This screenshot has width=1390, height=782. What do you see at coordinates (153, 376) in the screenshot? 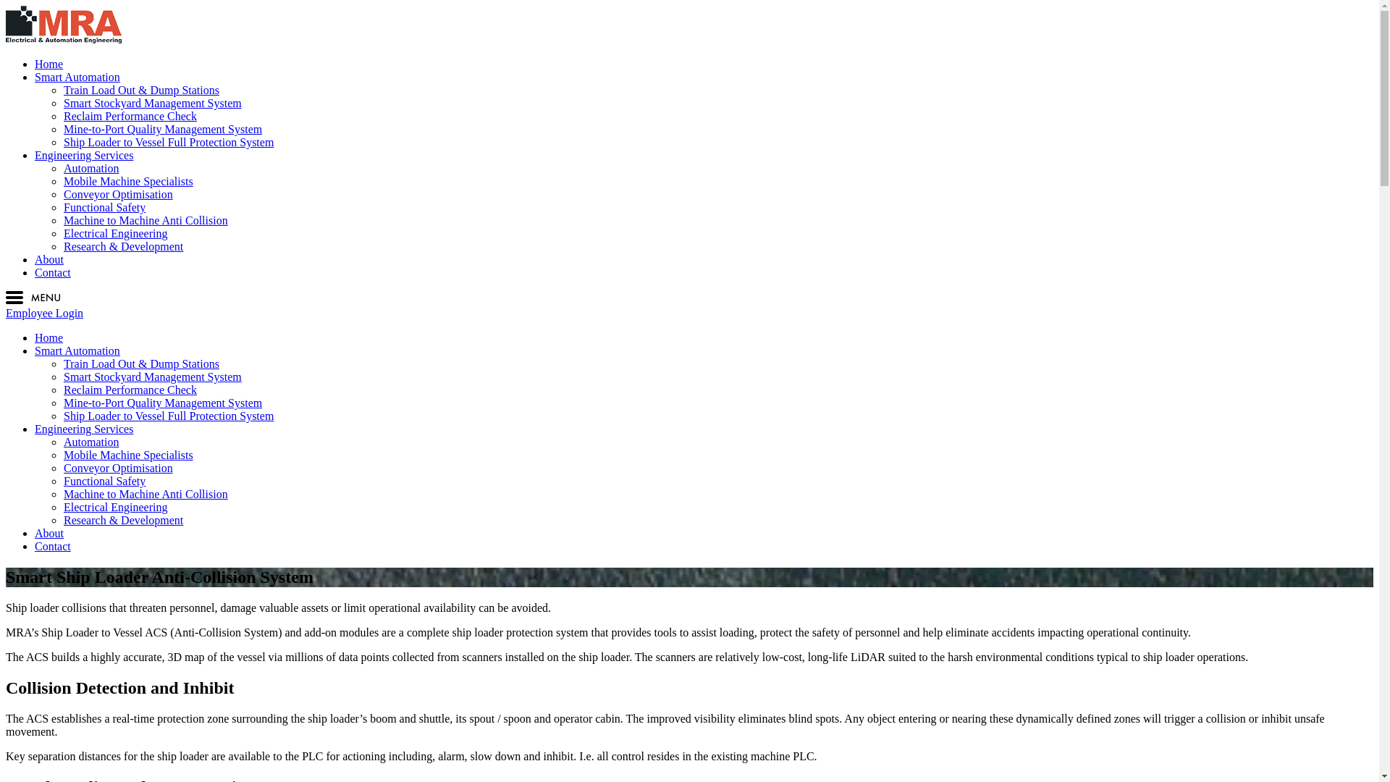
I see `'Smart Stockyard Management System'` at bounding box center [153, 376].